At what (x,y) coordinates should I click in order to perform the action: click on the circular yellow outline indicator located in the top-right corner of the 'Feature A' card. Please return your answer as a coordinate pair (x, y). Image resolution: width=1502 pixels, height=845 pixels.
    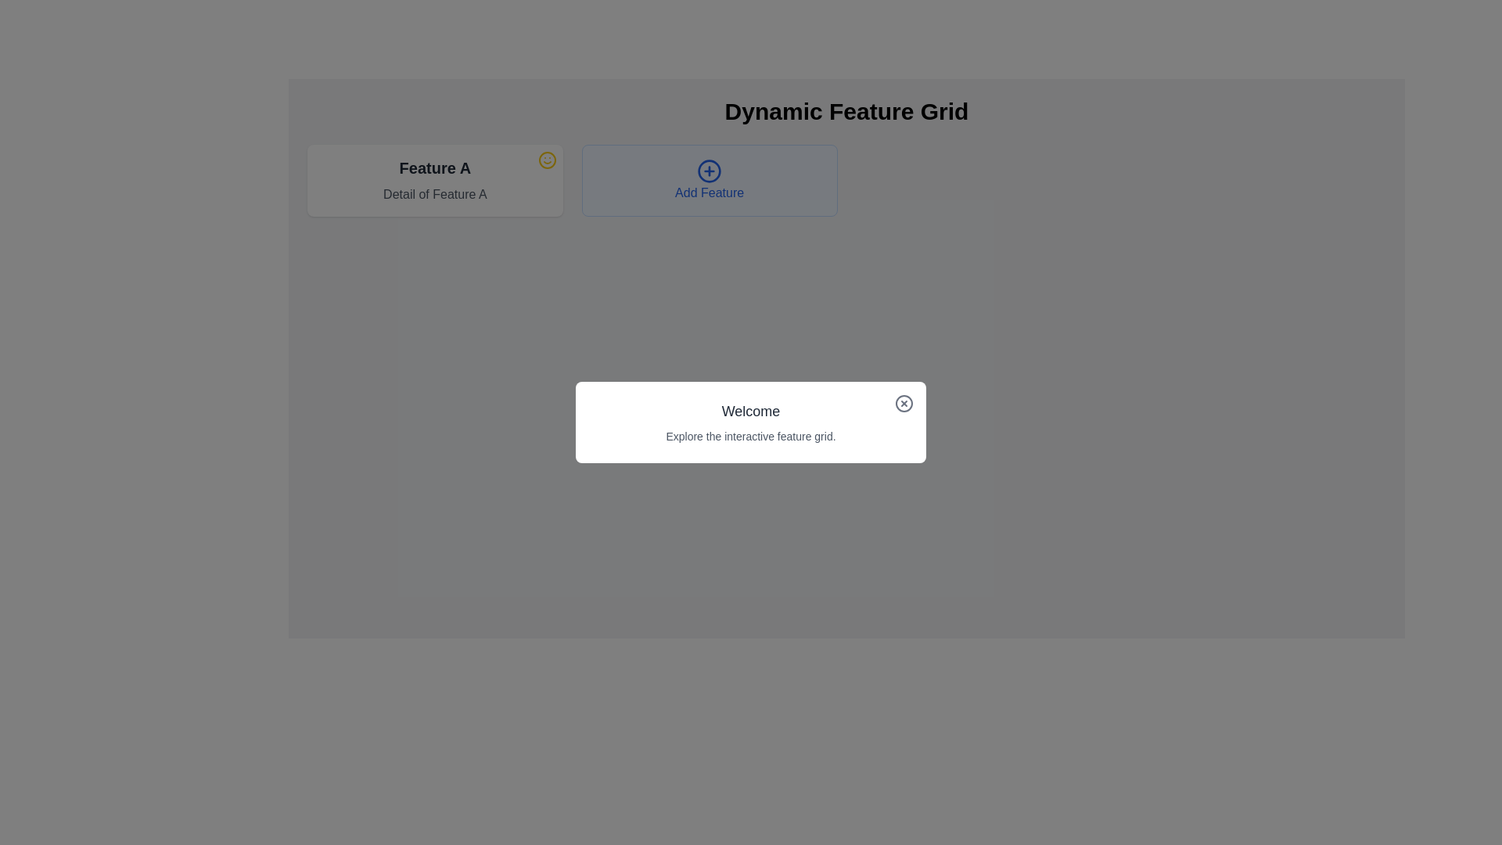
    Looking at the image, I should click on (547, 160).